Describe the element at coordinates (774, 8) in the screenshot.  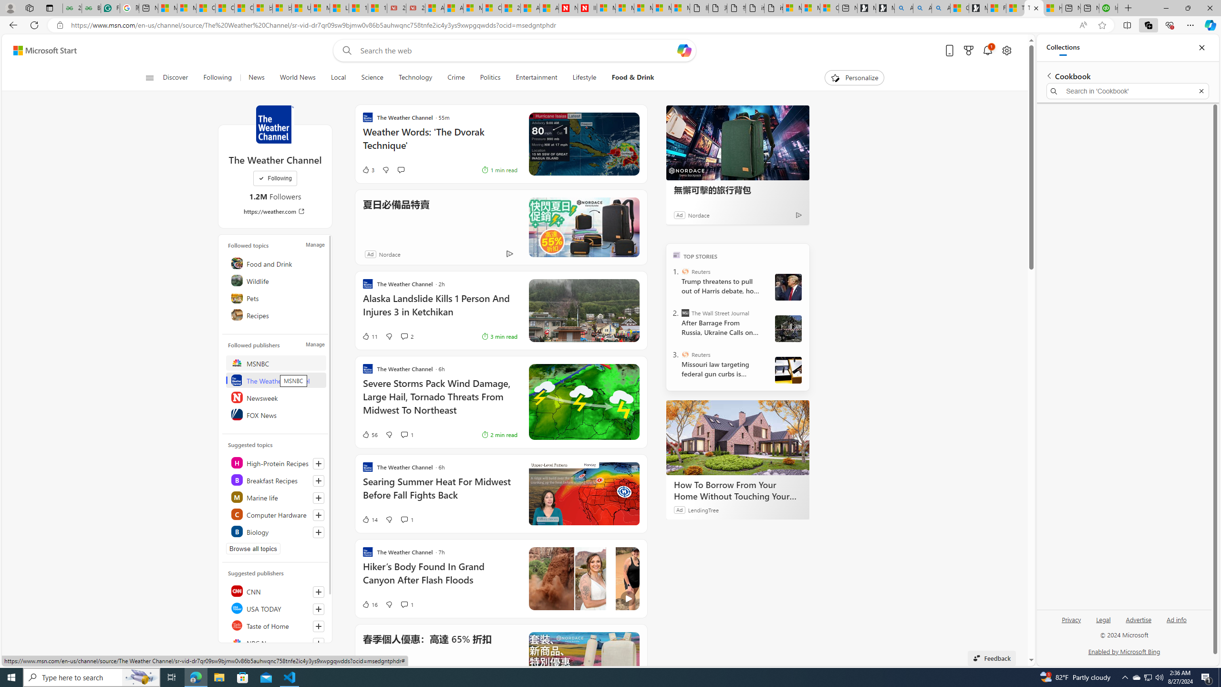
I see `'itconcepthk.com/projector_solutions.mp4'` at that location.